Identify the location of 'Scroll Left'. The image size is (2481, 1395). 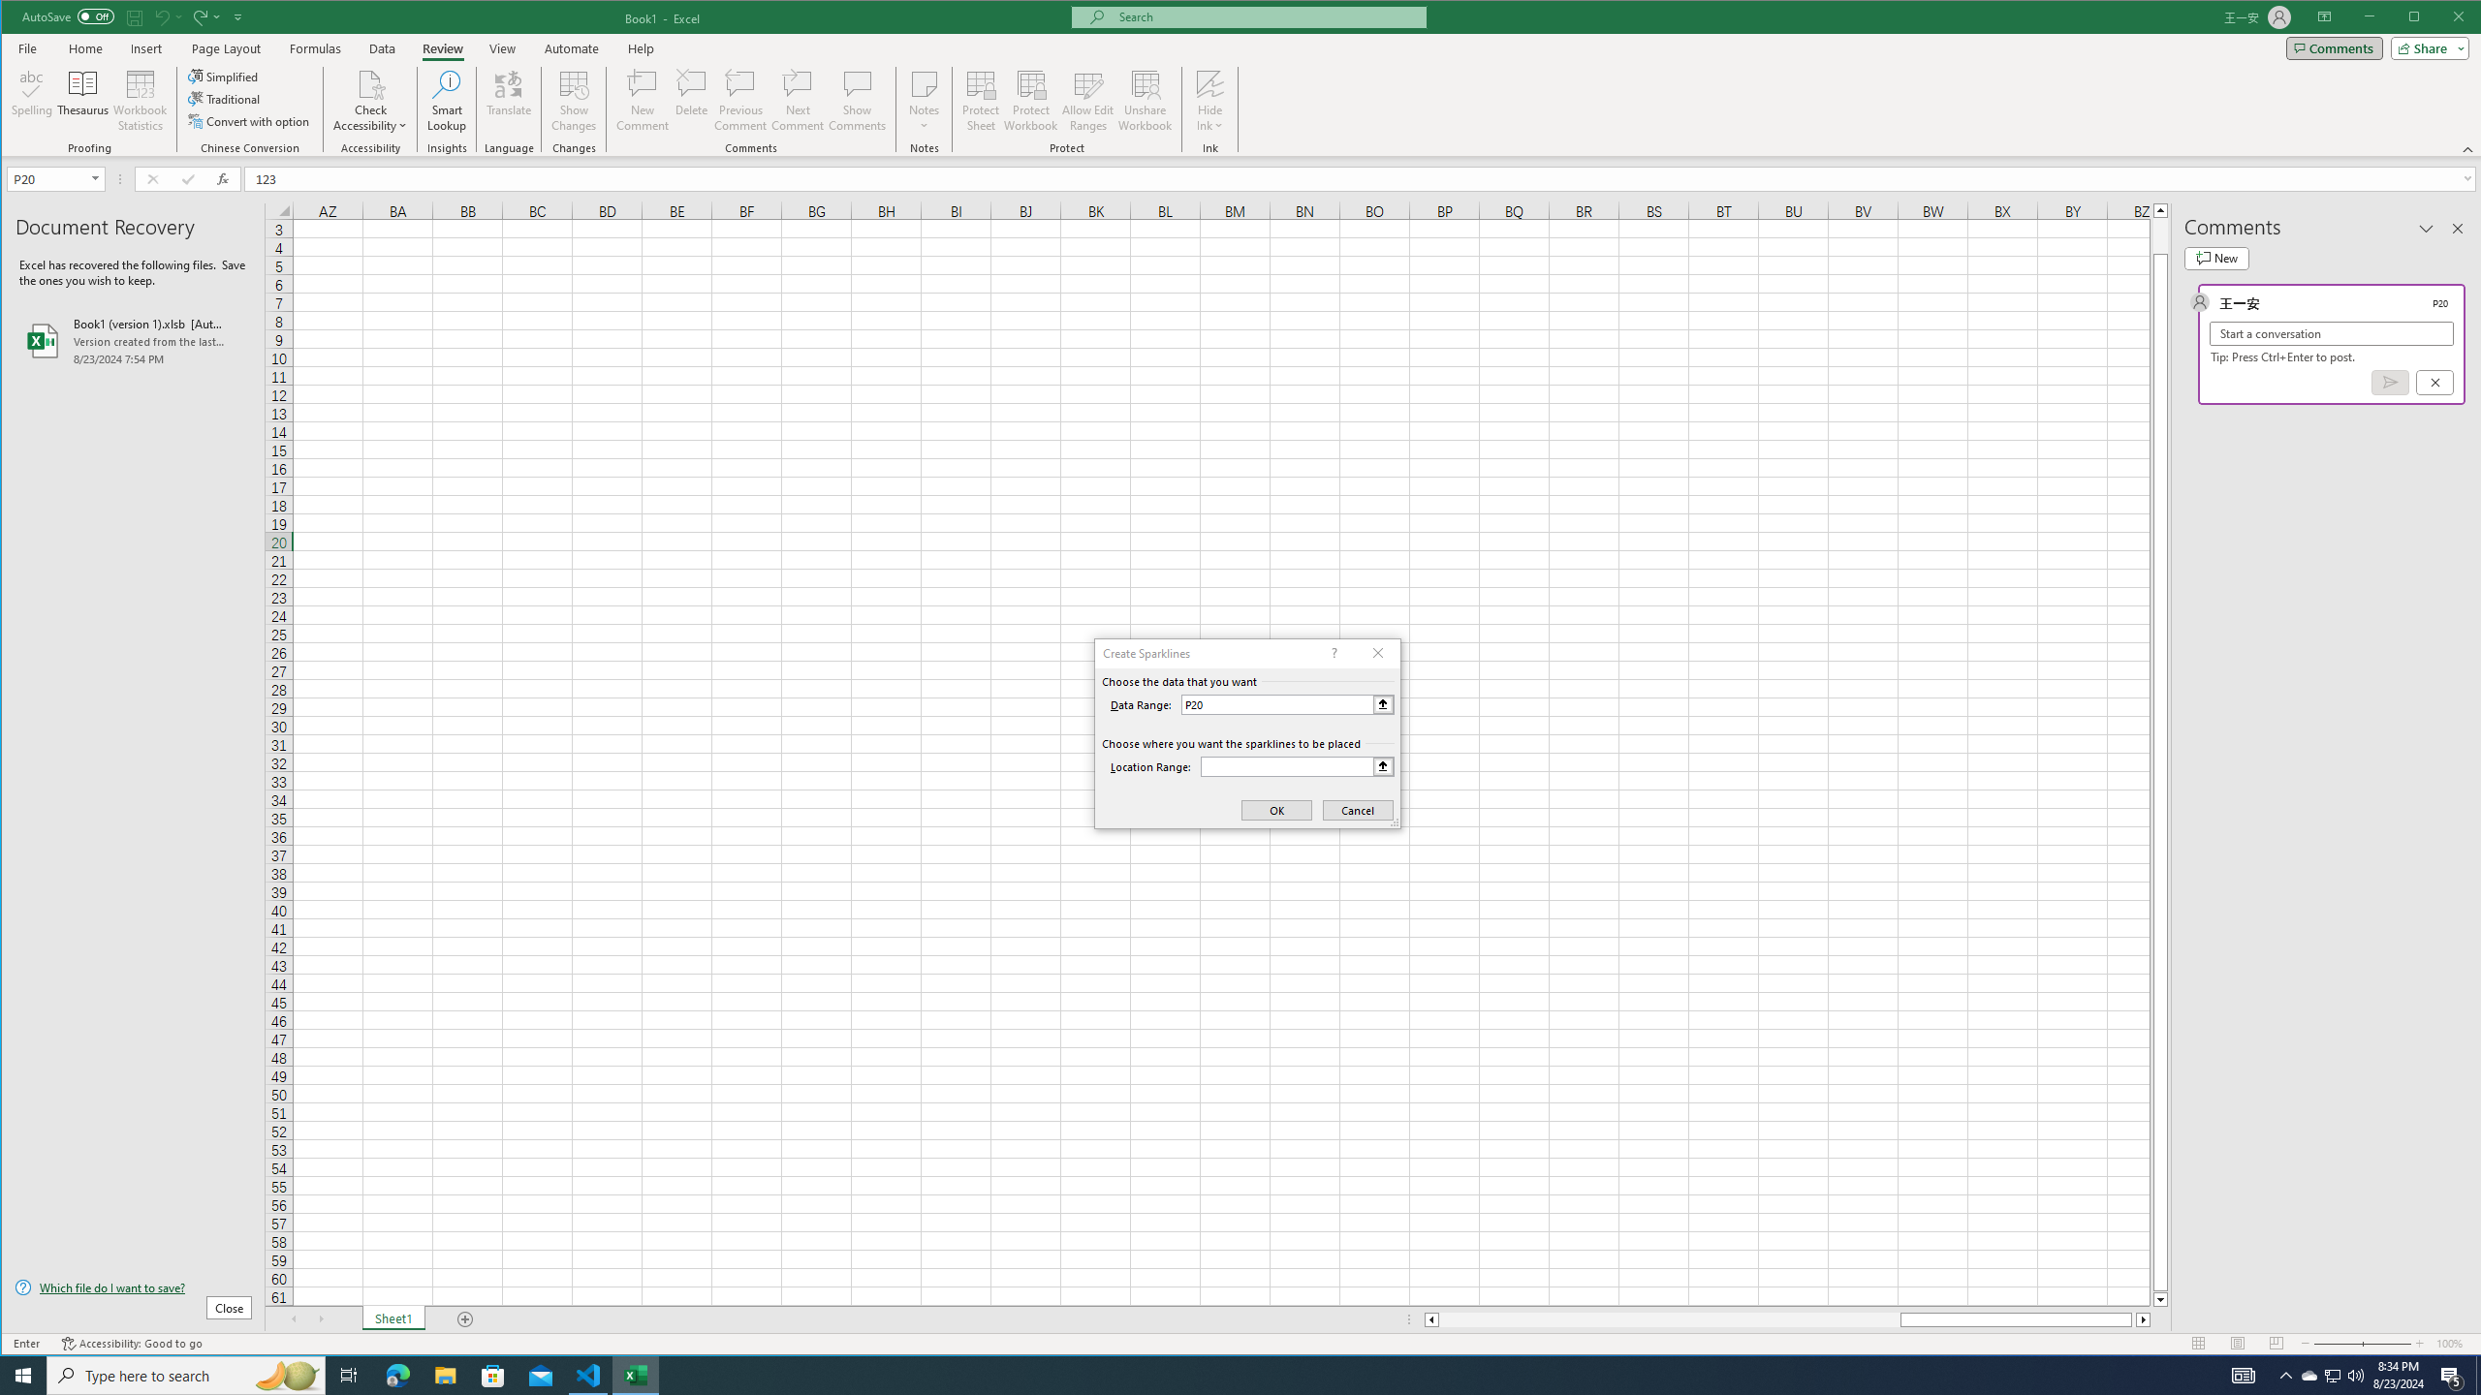
(293, 1319).